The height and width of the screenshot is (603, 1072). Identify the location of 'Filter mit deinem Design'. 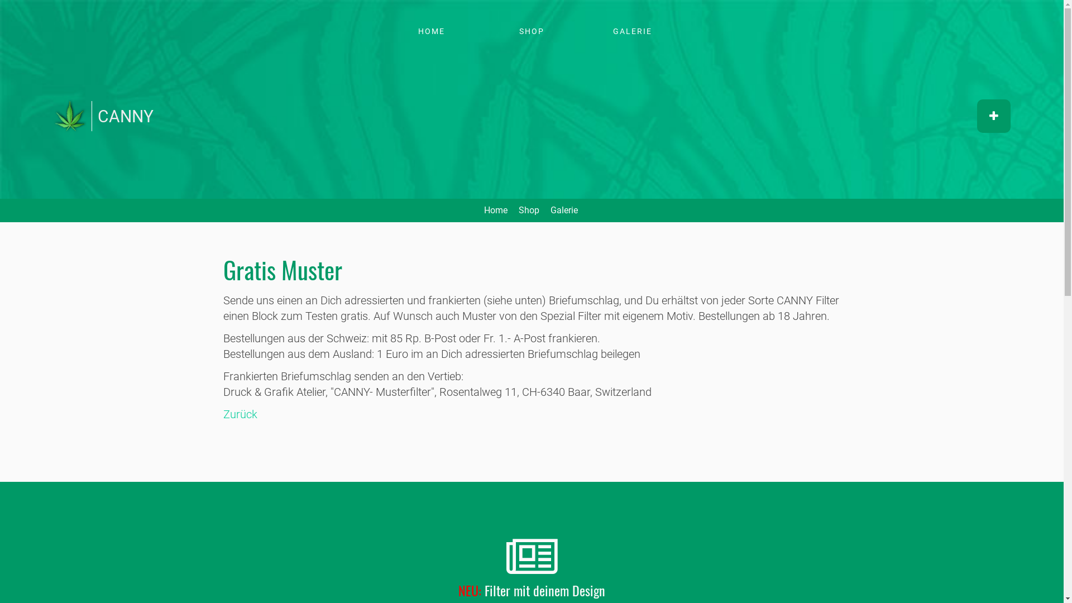
(544, 589).